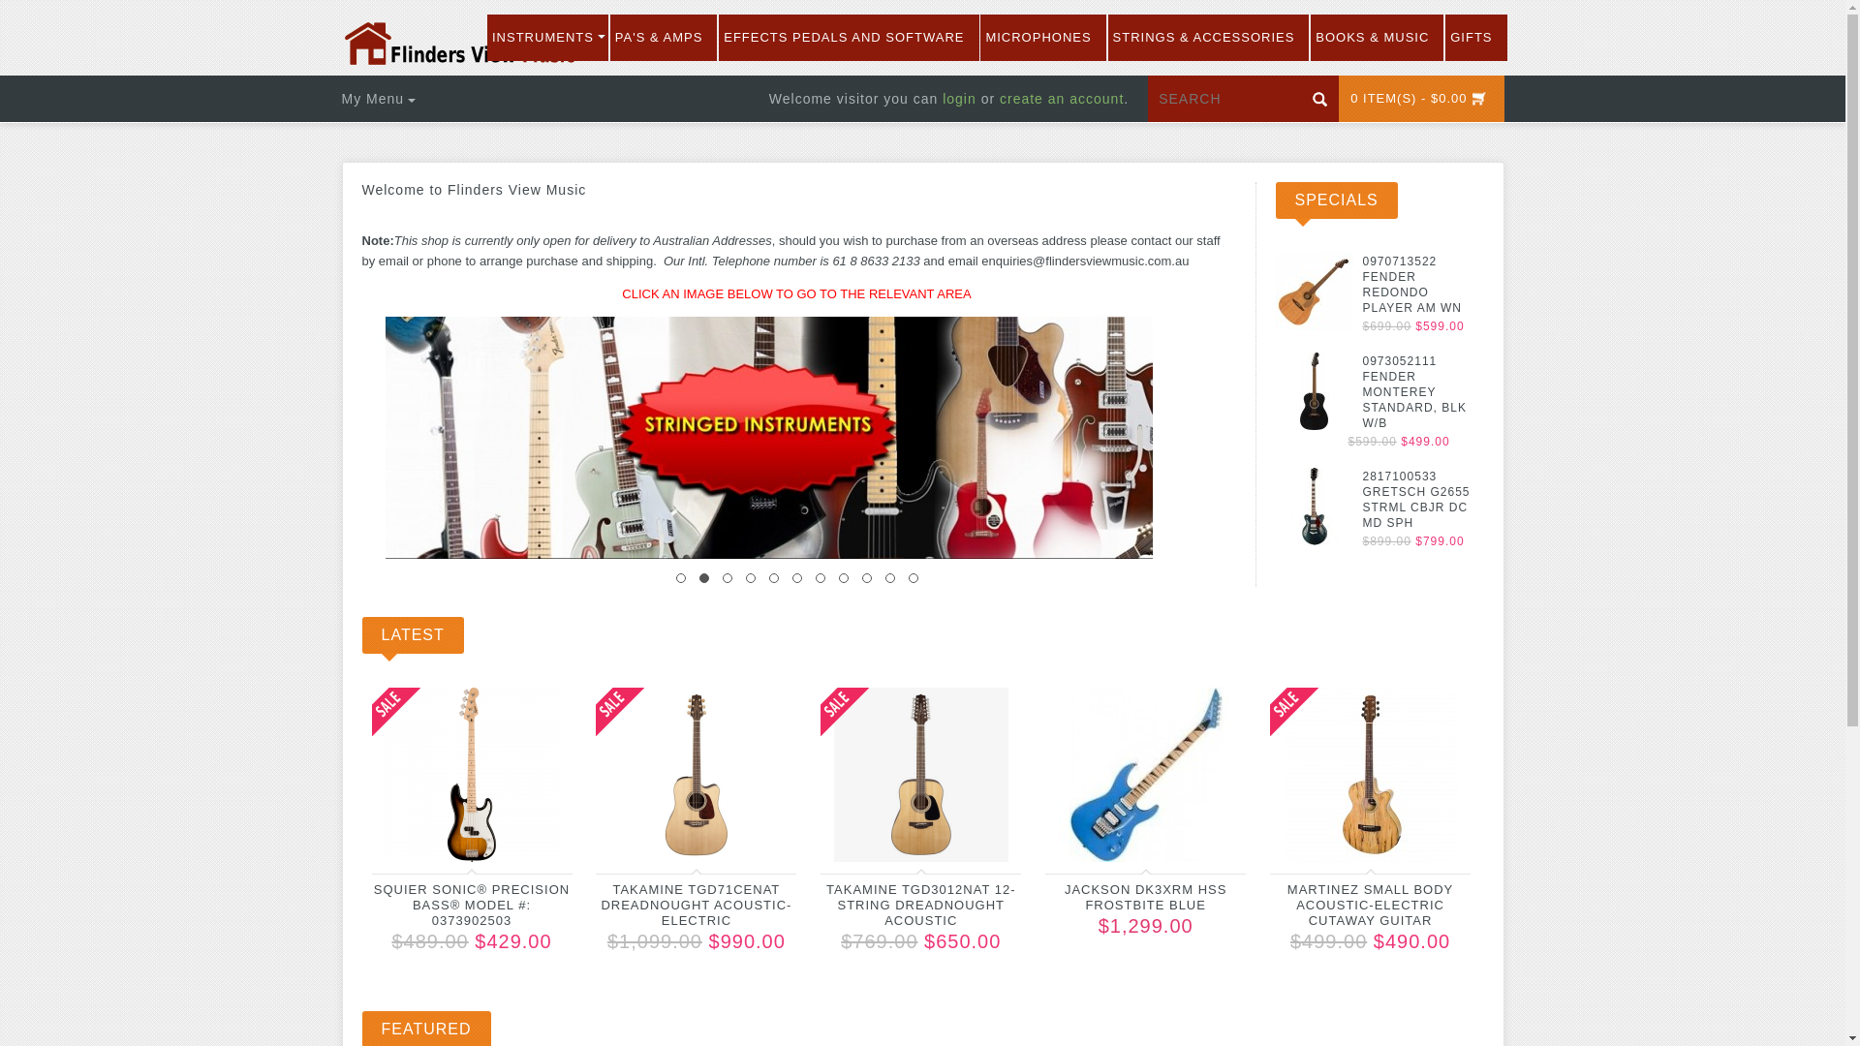 The width and height of the screenshot is (1860, 1046). What do you see at coordinates (1413, 392) in the screenshot?
I see `'0973052111 FENDER MONTEREY STANDARD, BLK W/B'` at bounding box center [1413, 392].